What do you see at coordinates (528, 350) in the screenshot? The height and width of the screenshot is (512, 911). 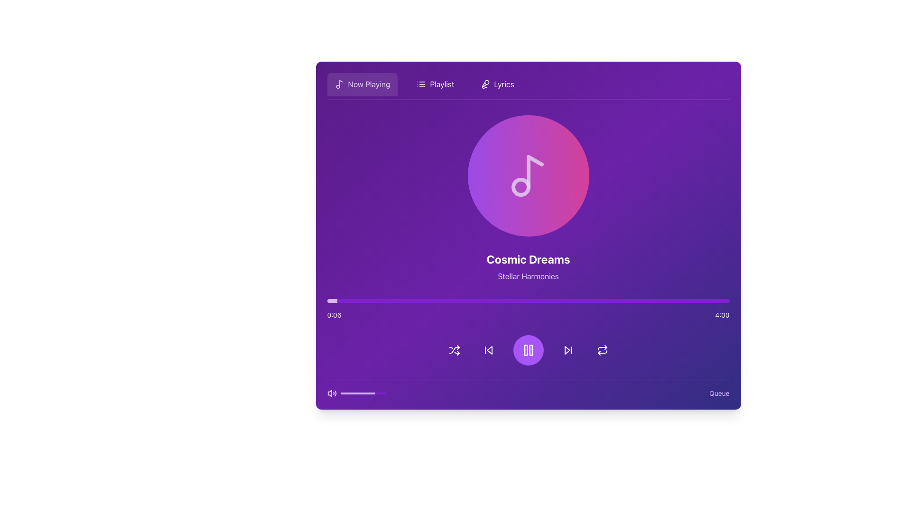 I see `the pause icon, which consists of two vertically aligned rectangular shapes with rounded corners, located in the center bottom of the navigation bar` at bounding box center [528, 350].